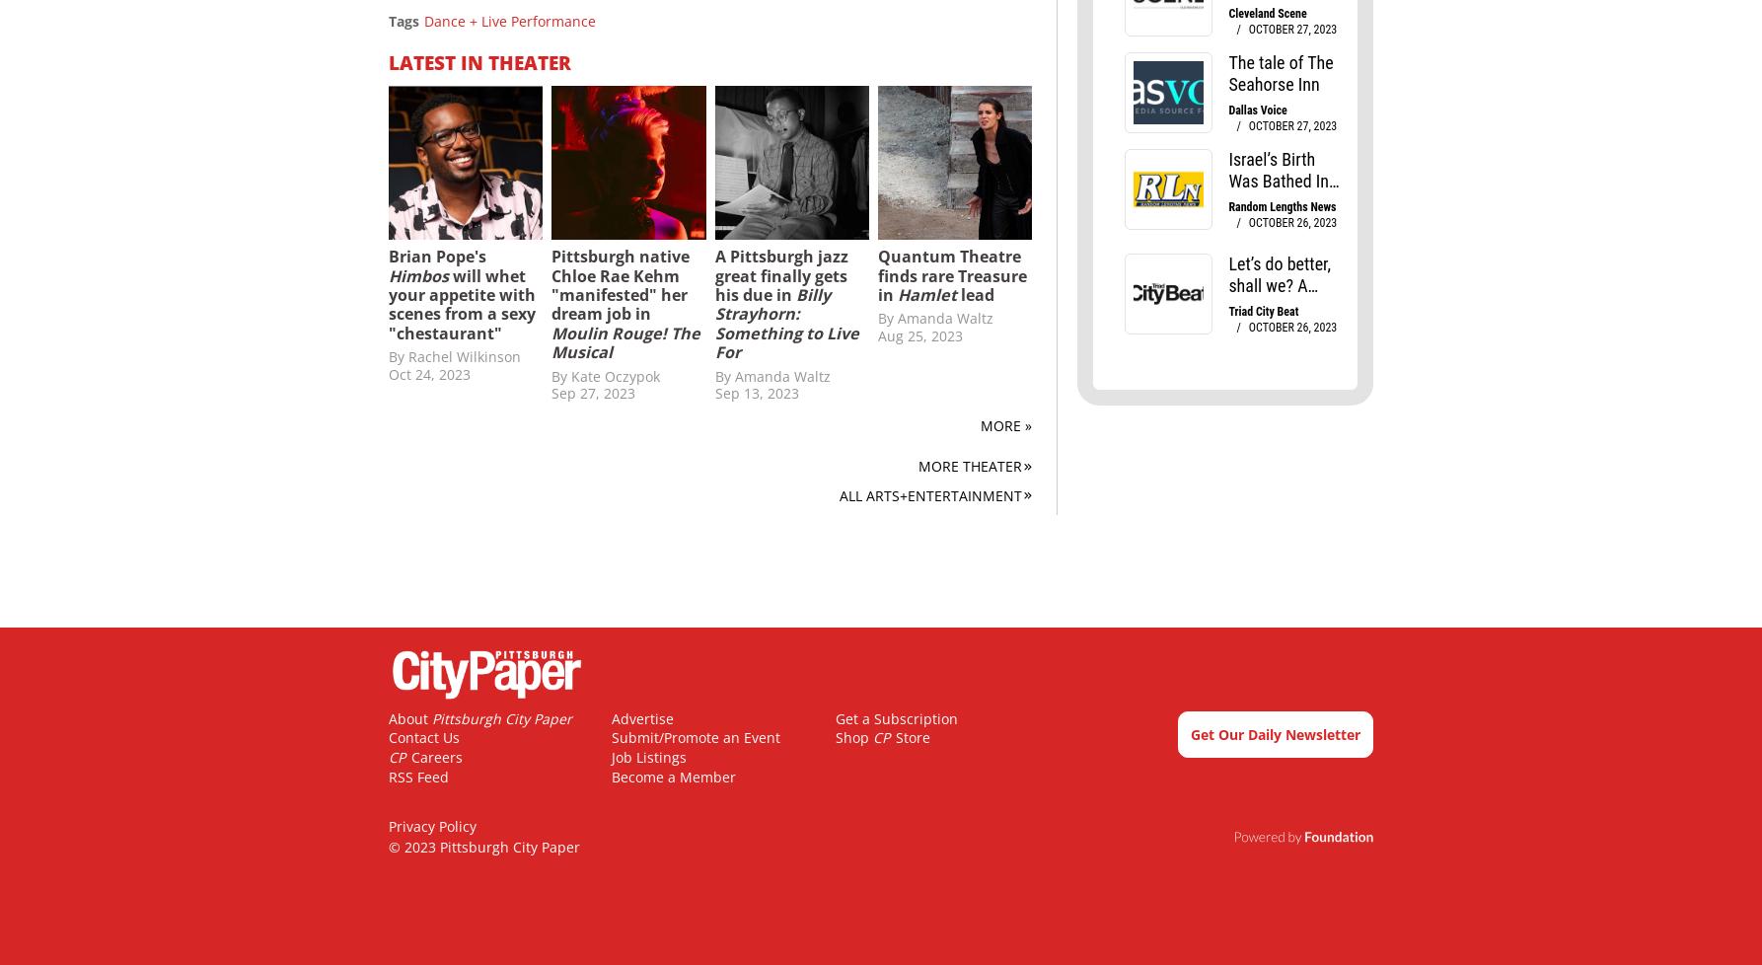  Describe the element at coordinates (837, 494) in the screenshot. I see `'All Arts+Entertainment'` at that location.